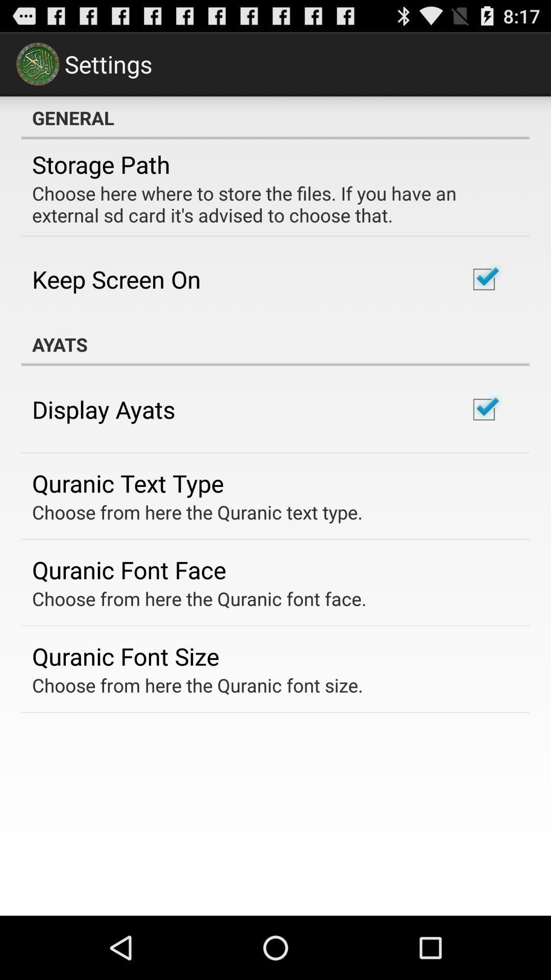  Describe the element at coordinates (275, 117) in the screenshot. I see `the general icon` at that location.